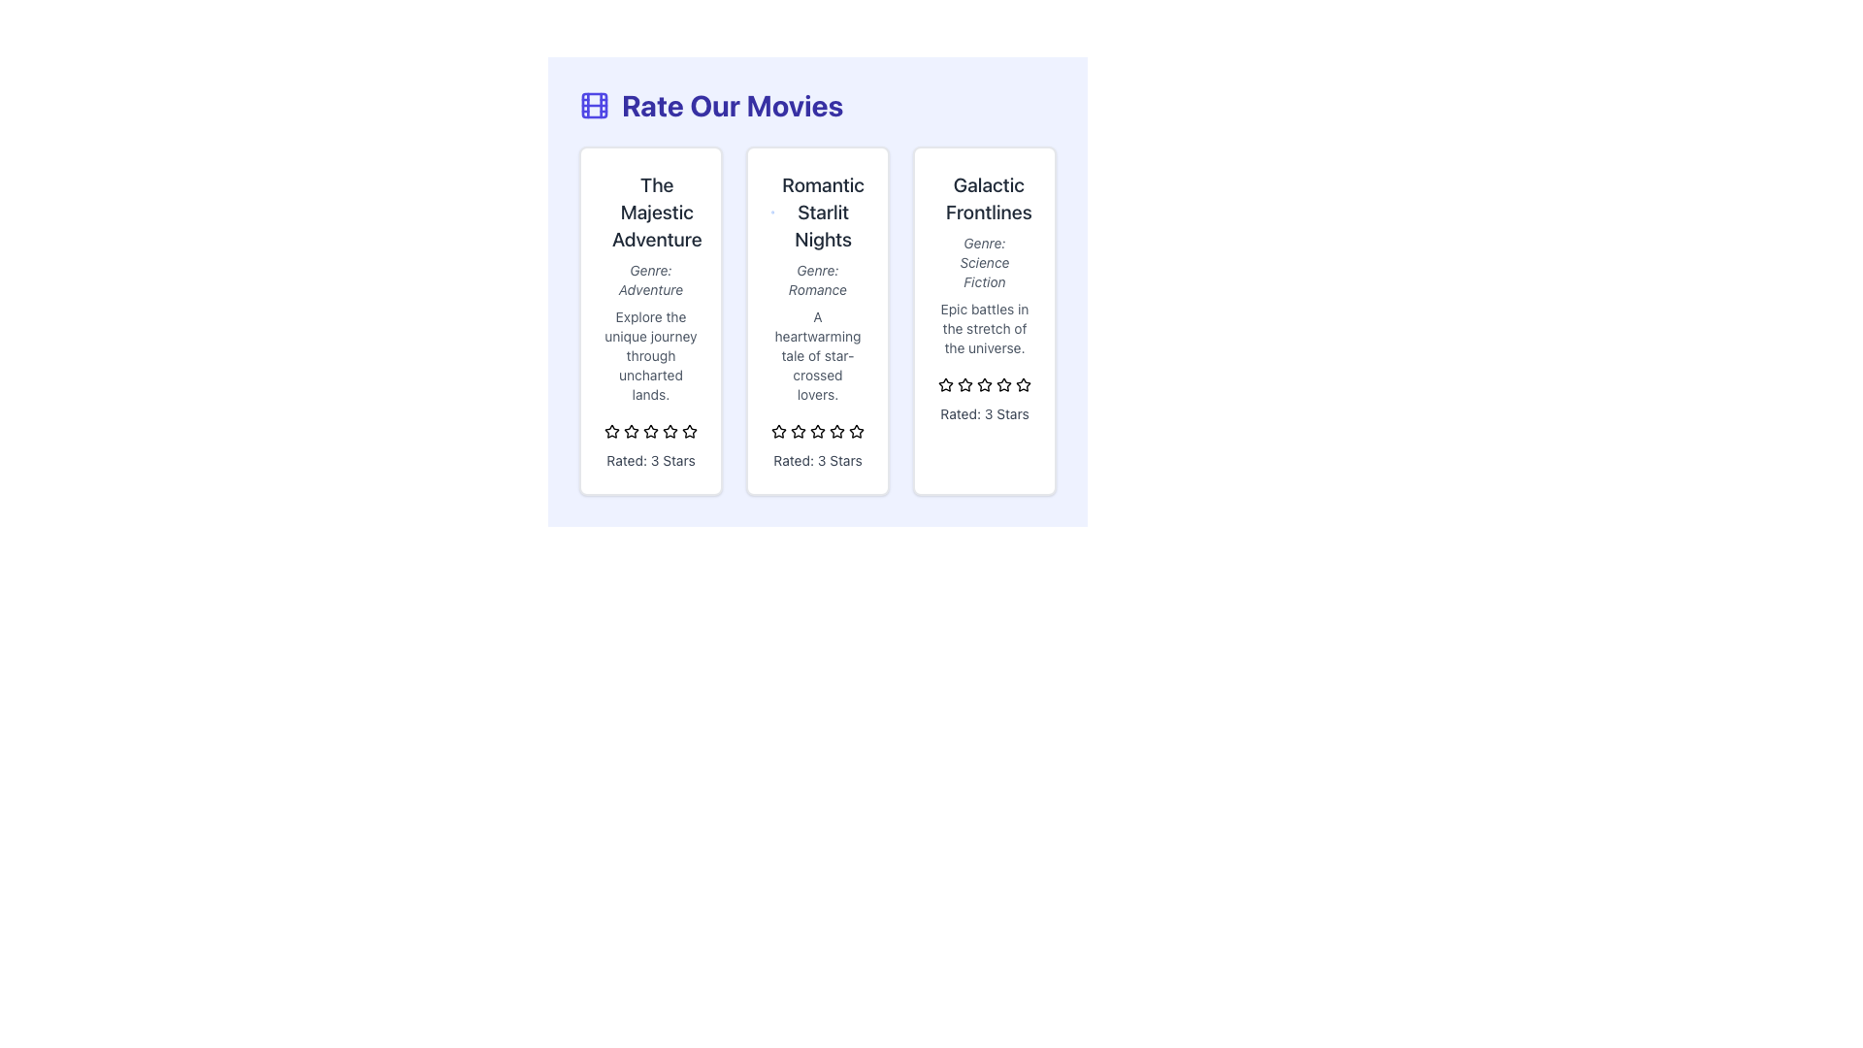 This screenshot has width=1863, height=1048. I want to click on the second star in the rating system to change the rating for 'The Majestic Adventure' movie, so click(632, 430).